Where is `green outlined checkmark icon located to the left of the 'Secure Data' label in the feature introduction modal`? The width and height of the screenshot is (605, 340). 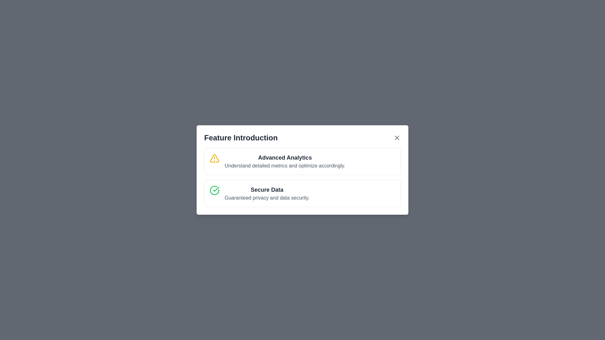
green outlined checkmark icon located to the left of the 'Secure Data' label in the feature introduction modal is located at coordinates (216, 189).